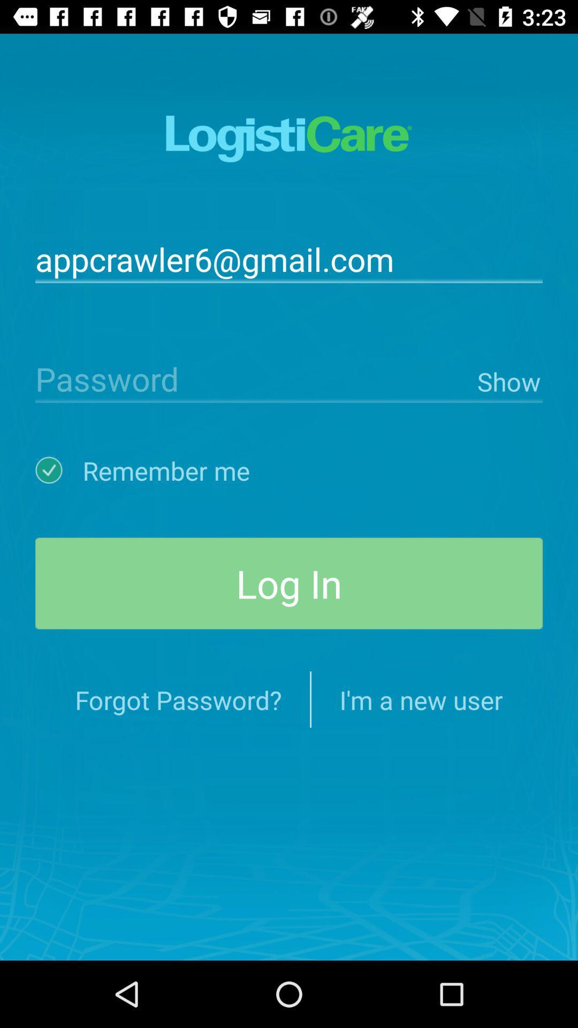 The height and width of the screenshot is (1028, 578). I want to click on log in item, so click(289, 583).